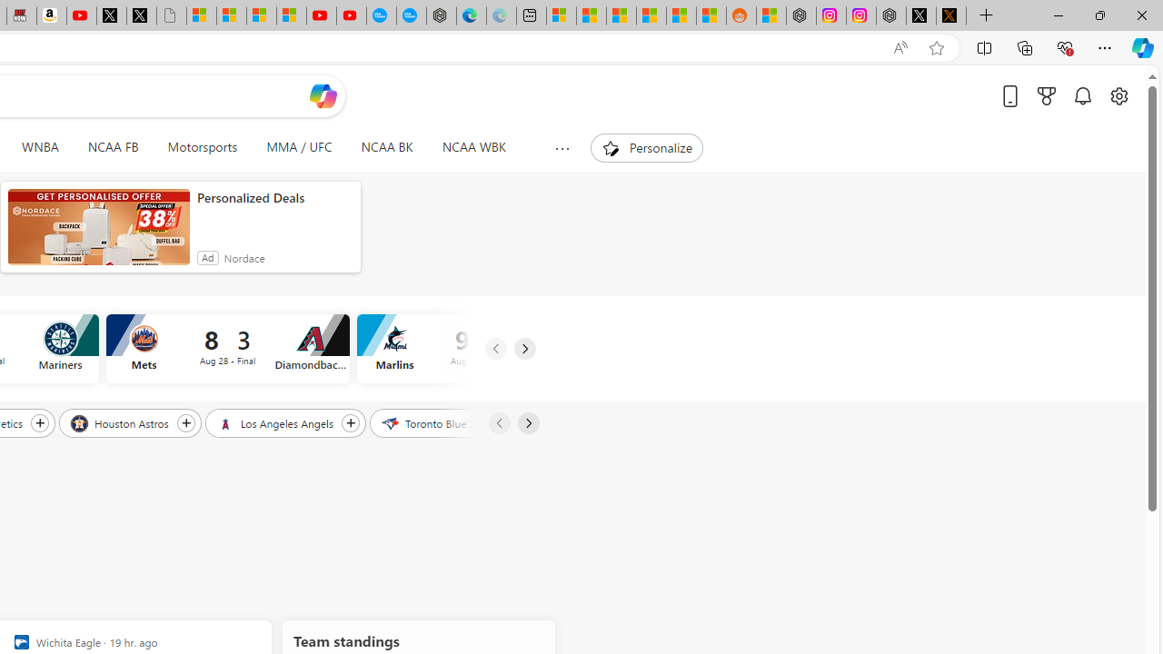 The width and height of the screenshot is (1163, 654). I want to click on 'Open settings', so click(1118, 95).